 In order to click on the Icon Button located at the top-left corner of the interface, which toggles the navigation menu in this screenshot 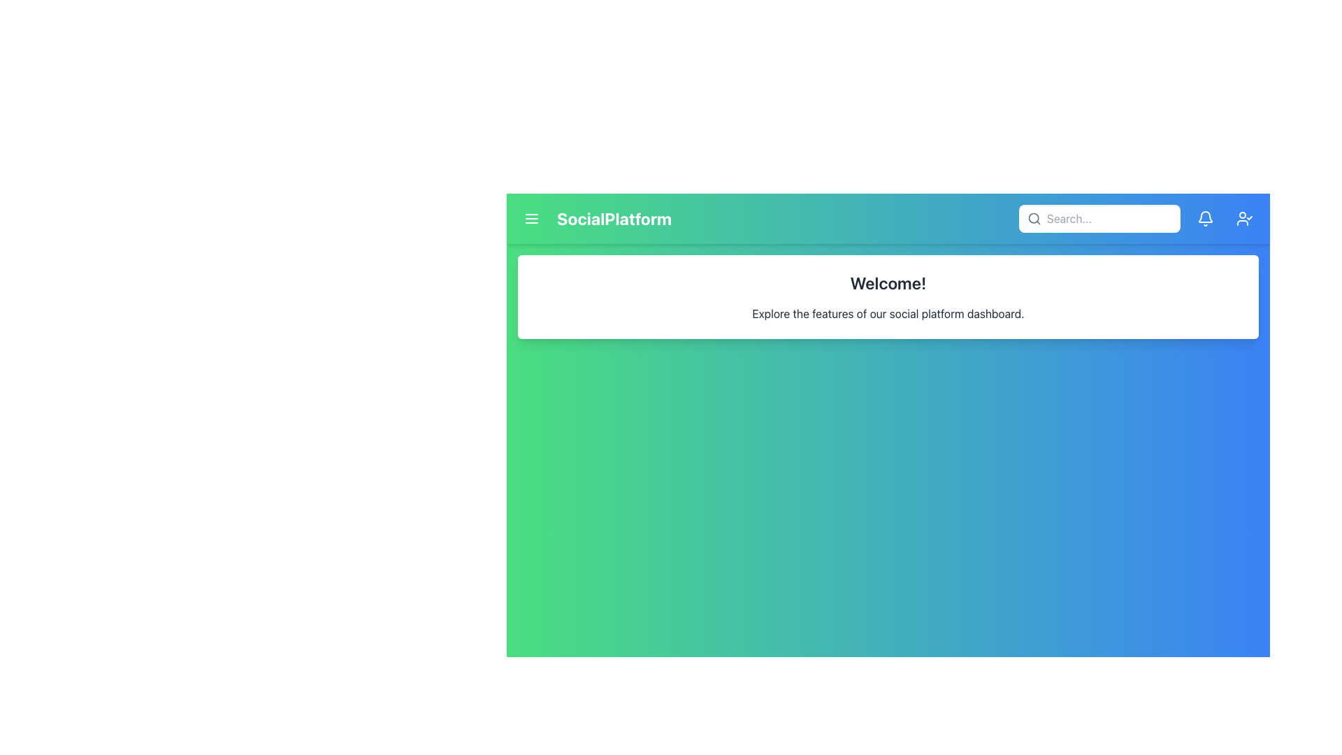, I will do `click(531, 218)`.